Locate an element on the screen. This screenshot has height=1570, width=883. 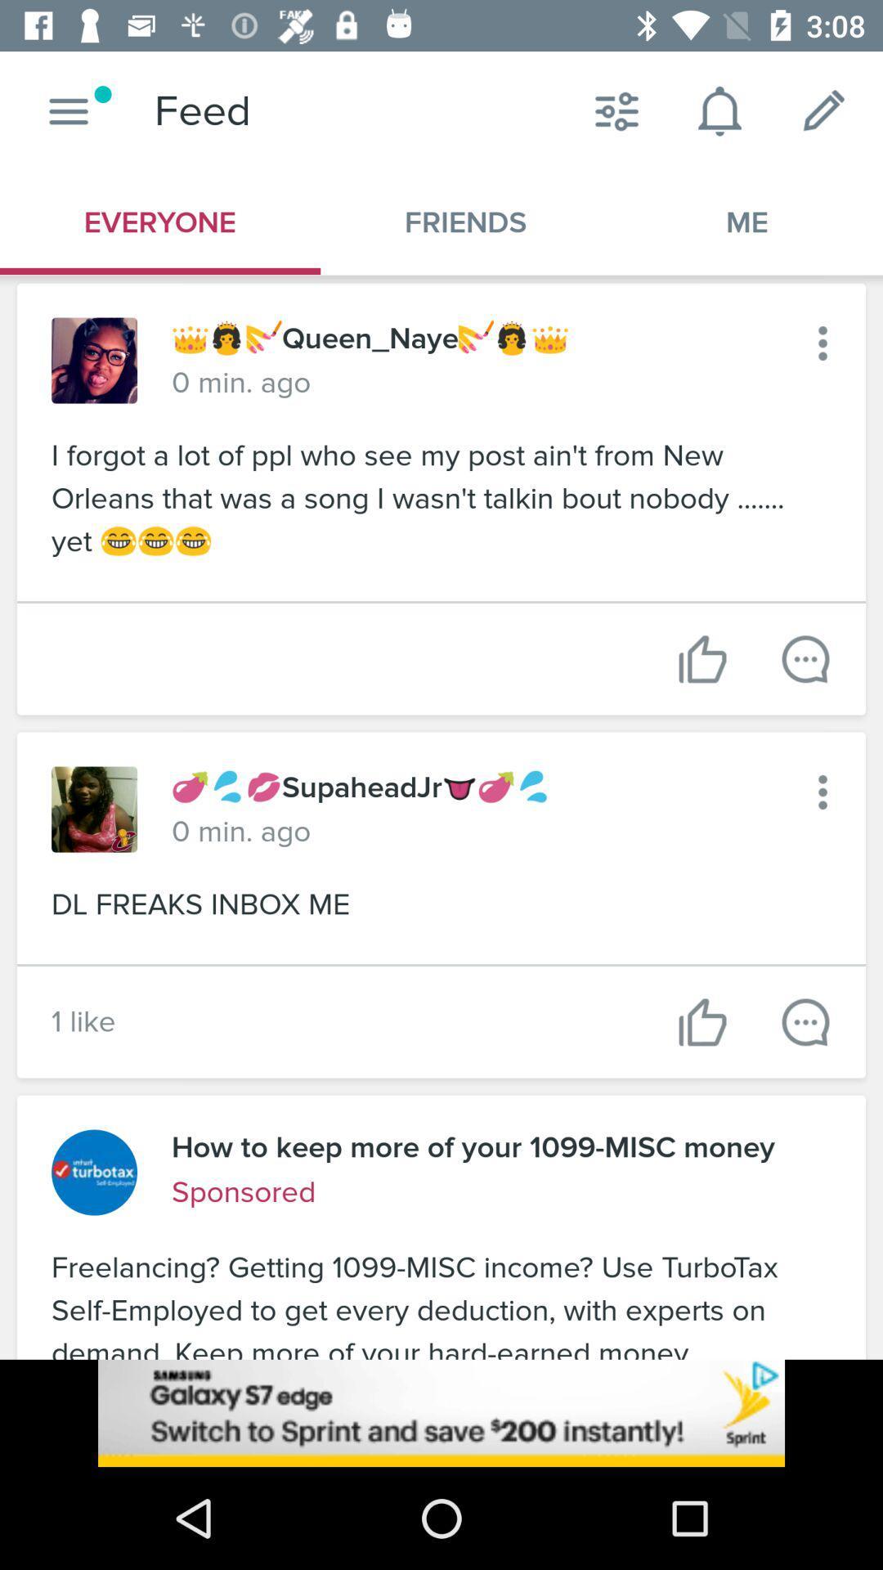
menu is located at coordinates (68, 110).